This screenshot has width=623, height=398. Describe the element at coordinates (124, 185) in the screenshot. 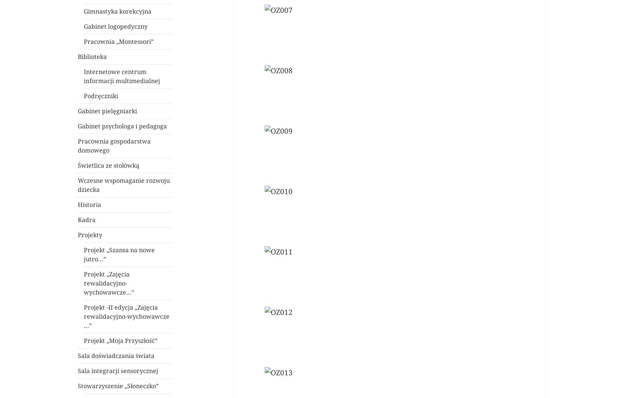

I see `'Wczesne wspomaganie rozwoju dziecka'` at that location.